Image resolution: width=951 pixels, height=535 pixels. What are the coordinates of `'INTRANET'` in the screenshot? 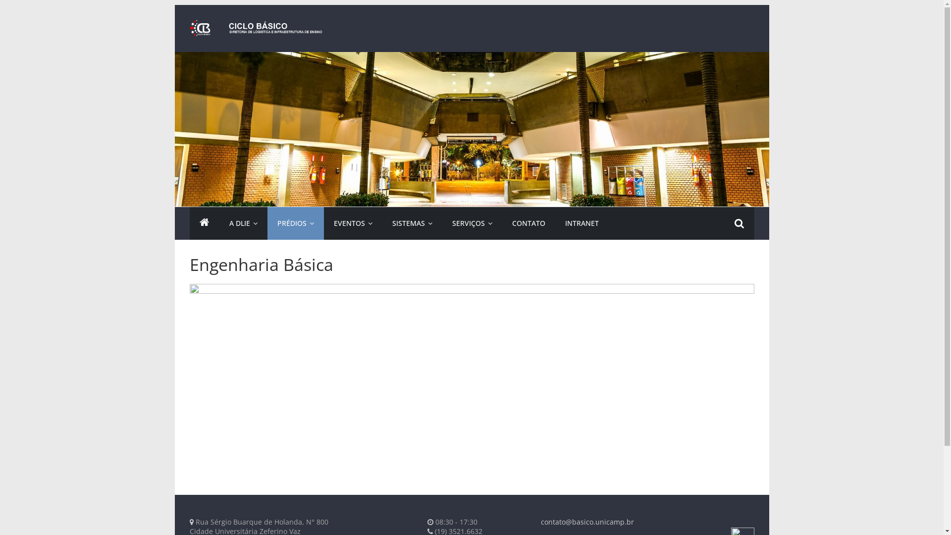 It's located at (581, 223).